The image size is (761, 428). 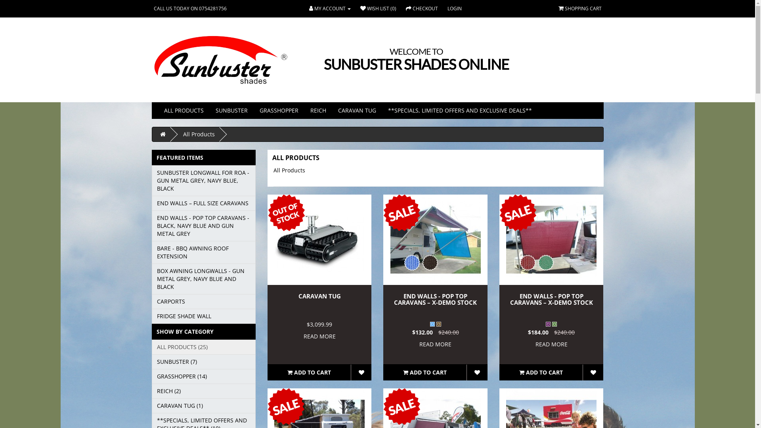 What do you see at coordinates (190, 8) in the screenshot?
I see `'CALL US TODAY ON 0754281756'` at bounding box center [190, 8].